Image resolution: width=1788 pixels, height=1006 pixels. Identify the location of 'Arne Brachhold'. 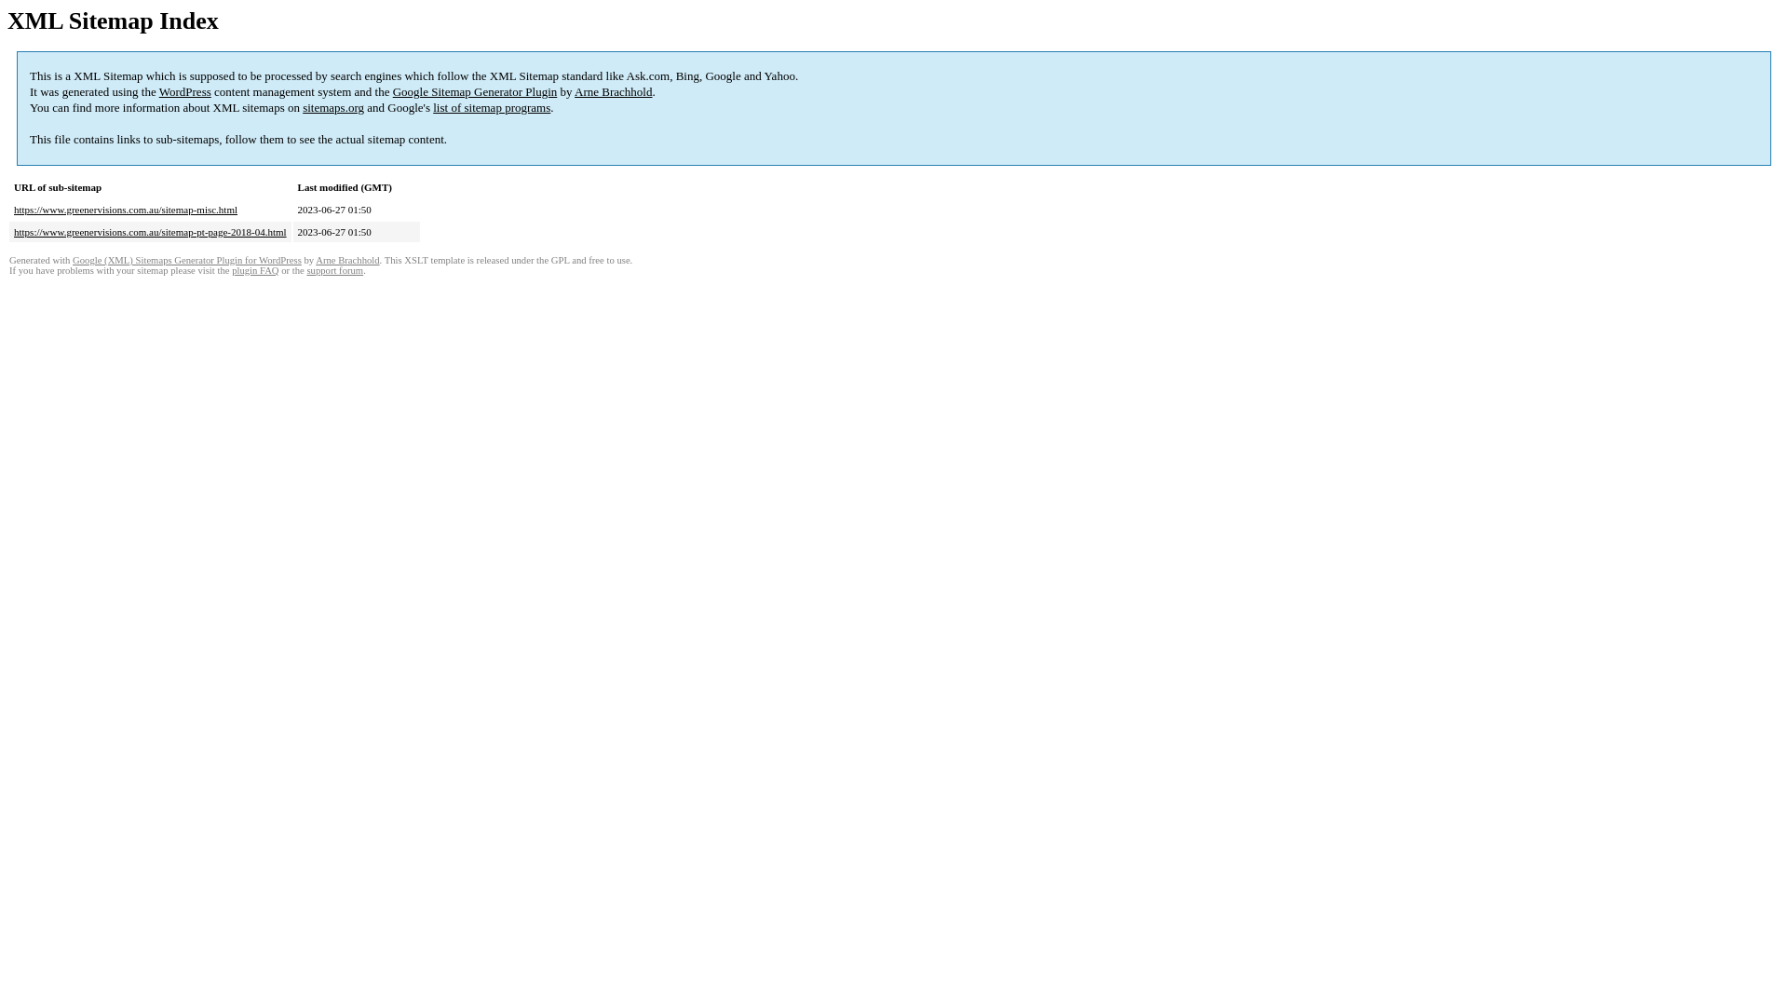
(347, 260).